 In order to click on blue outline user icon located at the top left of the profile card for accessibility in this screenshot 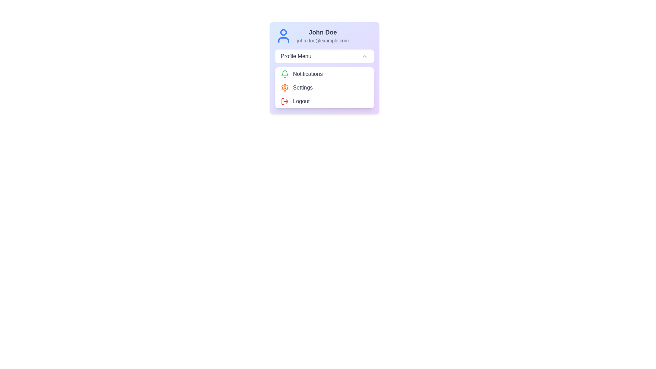, I will do `click(283, 36)`.